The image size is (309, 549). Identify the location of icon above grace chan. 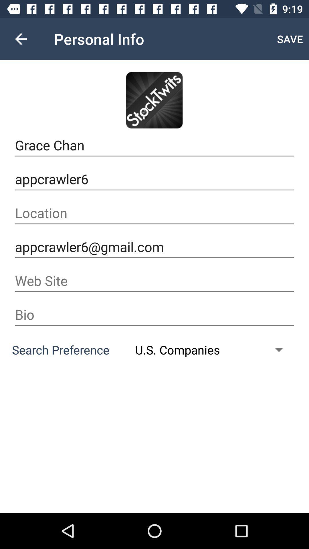
(21, 39).